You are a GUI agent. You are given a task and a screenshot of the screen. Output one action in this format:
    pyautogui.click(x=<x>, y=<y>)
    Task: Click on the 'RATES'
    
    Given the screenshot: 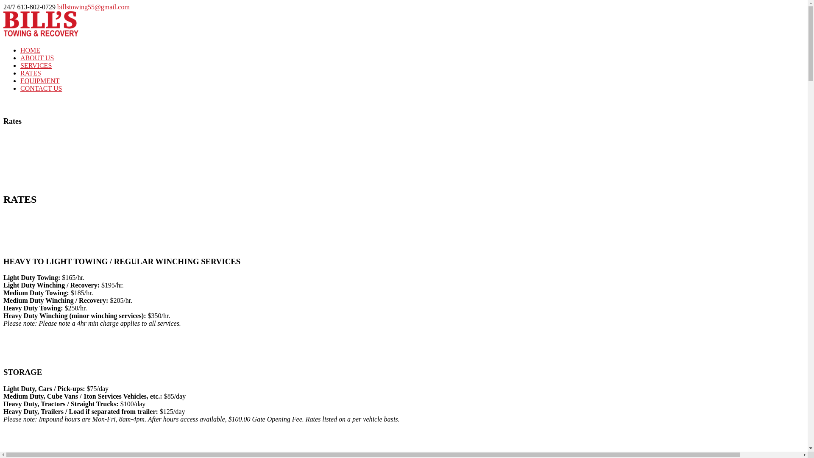 What is the action you would take?
    pyautogui.click(x=31, y=73)
    